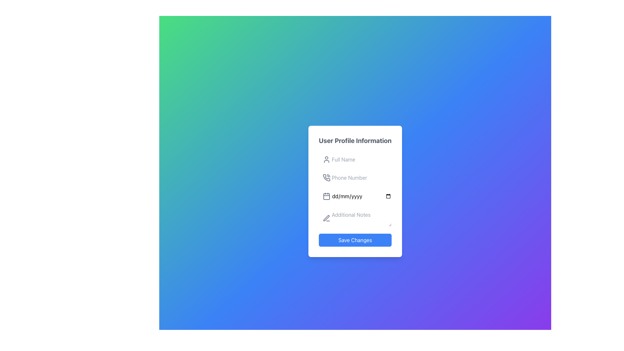 The image size is (624, 351). What do you see at coordinates (355, 217) in the screenshot?
I see `the text input field for additional notes or comments, located centrally in the user profile form below the date input` at bounding box center [355, 217].